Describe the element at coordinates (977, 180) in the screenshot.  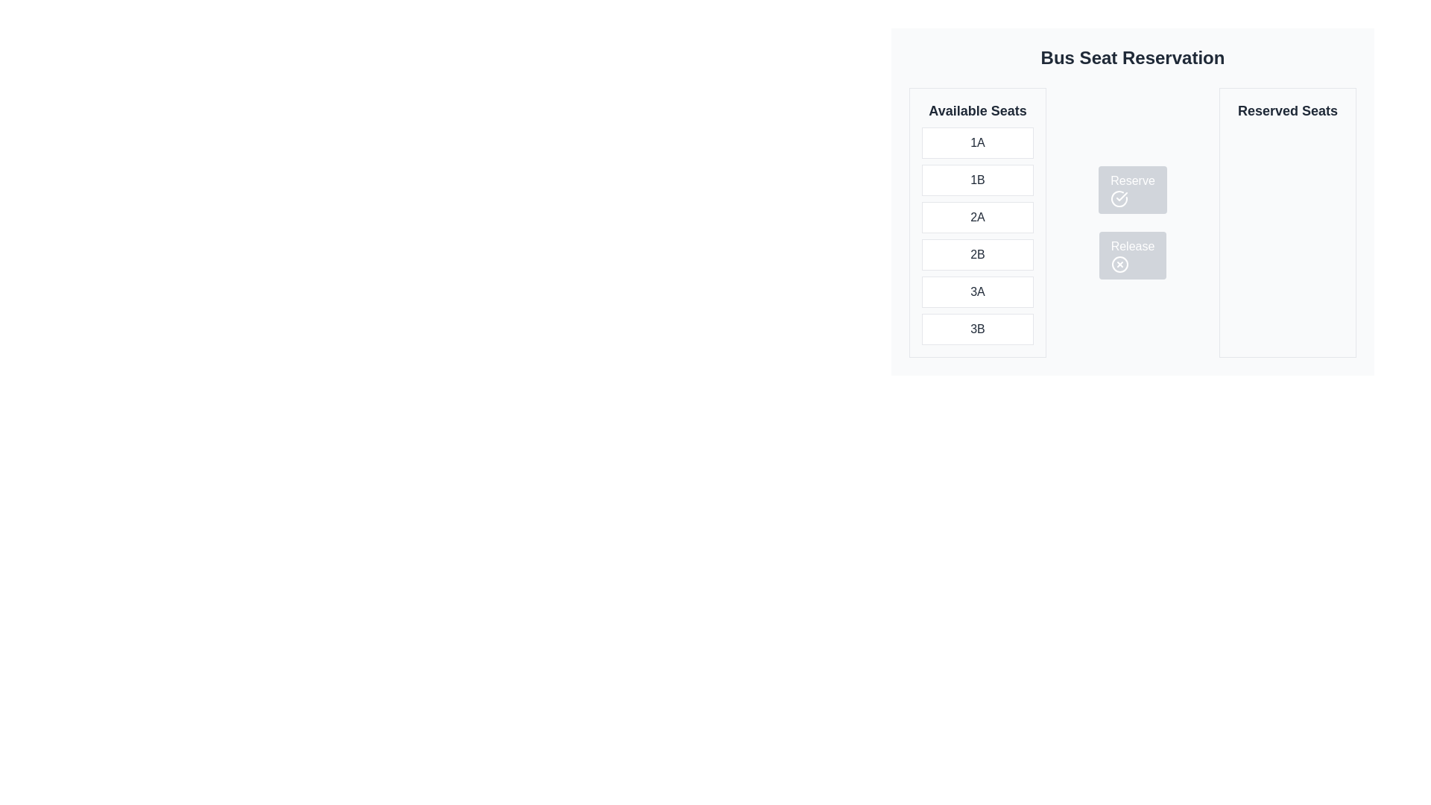
I see `the informational label '1B' that represents a selectable option in the reservation system, located below '1A' and above '2A' under the 'Available Seats' heading` at that location.